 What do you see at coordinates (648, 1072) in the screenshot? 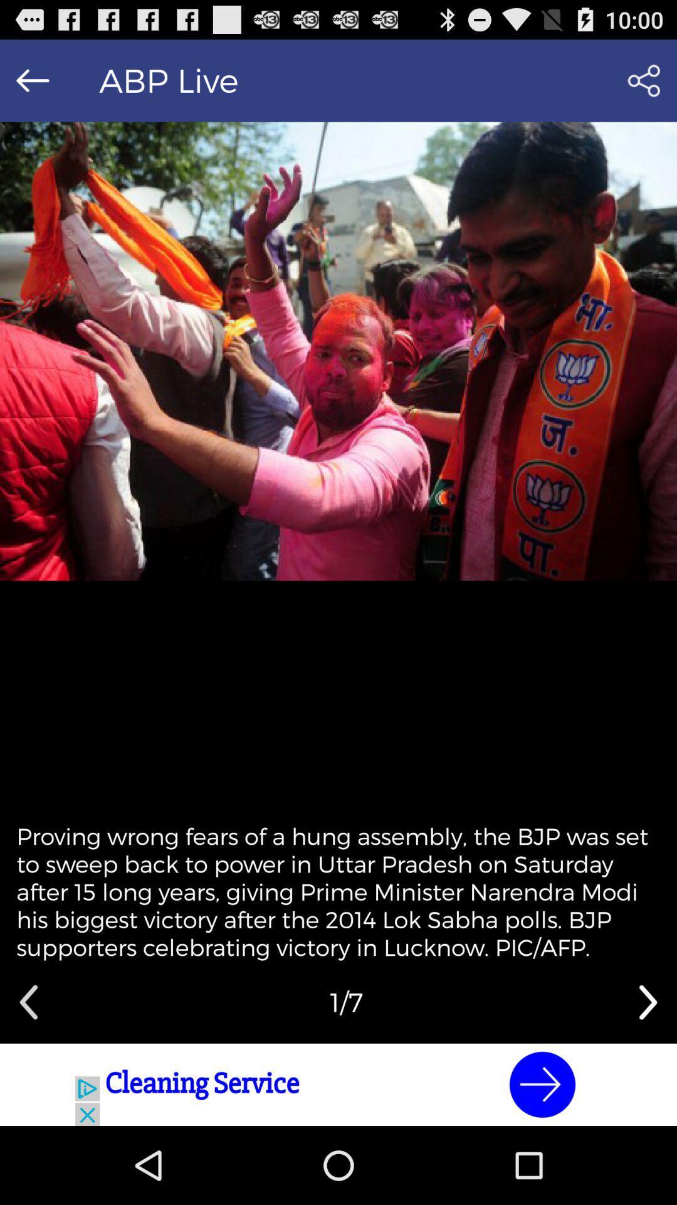
I see `the arrow_forward icon` at bounding box center [648, 1072].